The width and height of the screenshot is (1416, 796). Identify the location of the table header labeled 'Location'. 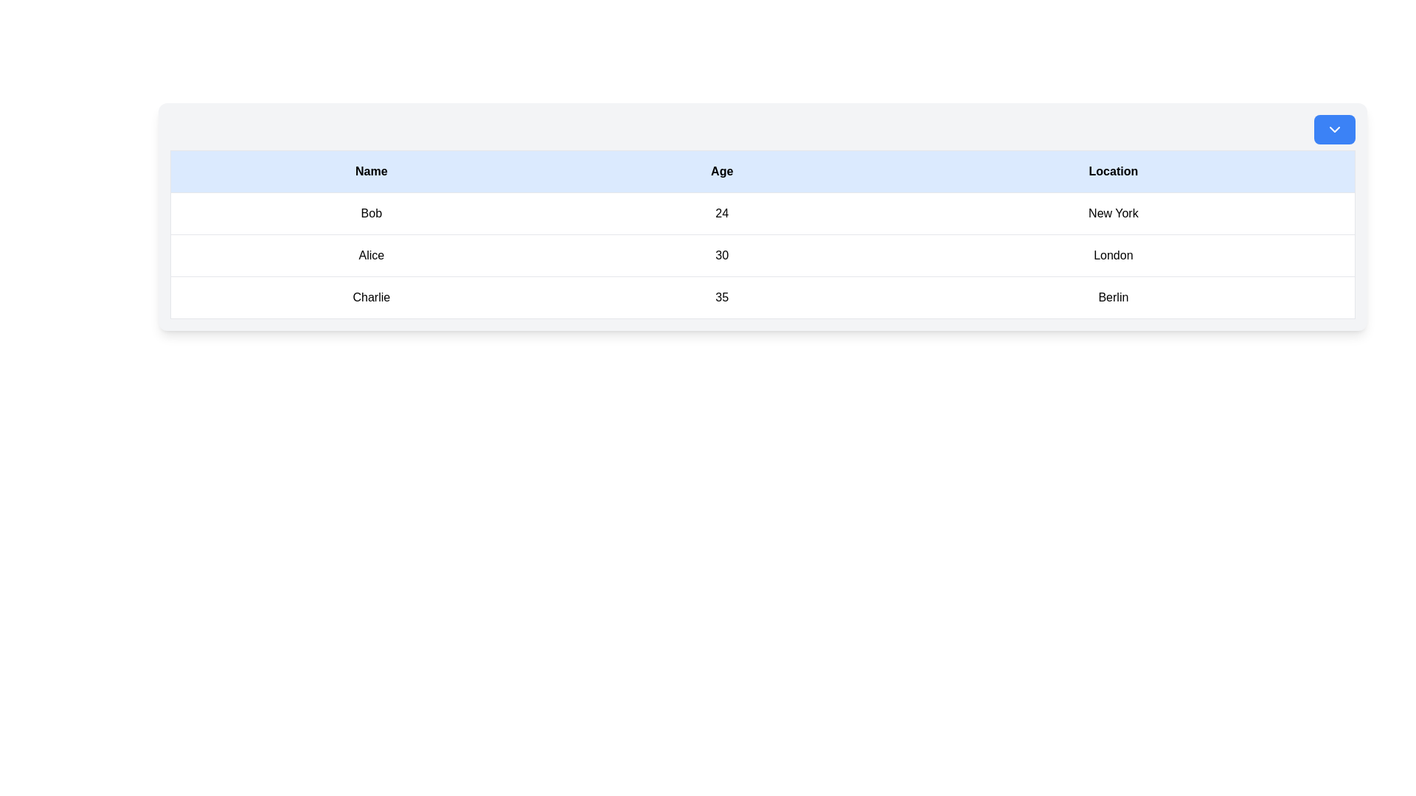
(1114, 170).